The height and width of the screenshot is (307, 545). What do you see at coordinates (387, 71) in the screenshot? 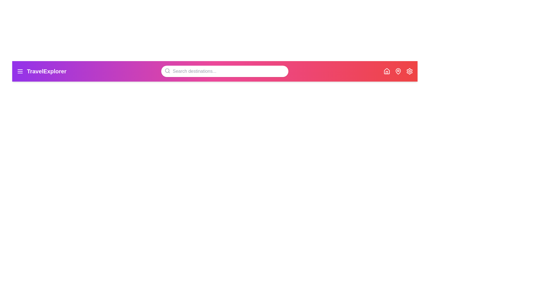
I see `the Home icon to navigate to the homepage` at bounding box center [387, 71].